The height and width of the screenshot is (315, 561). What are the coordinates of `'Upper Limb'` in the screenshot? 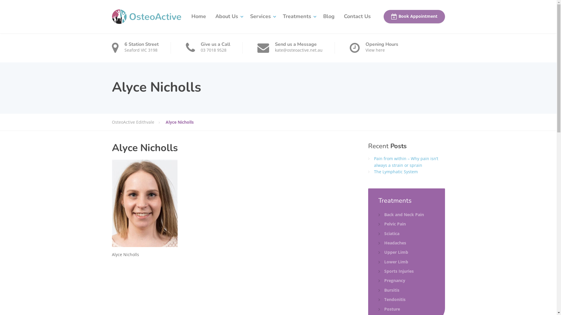 It's located at (393, 252).